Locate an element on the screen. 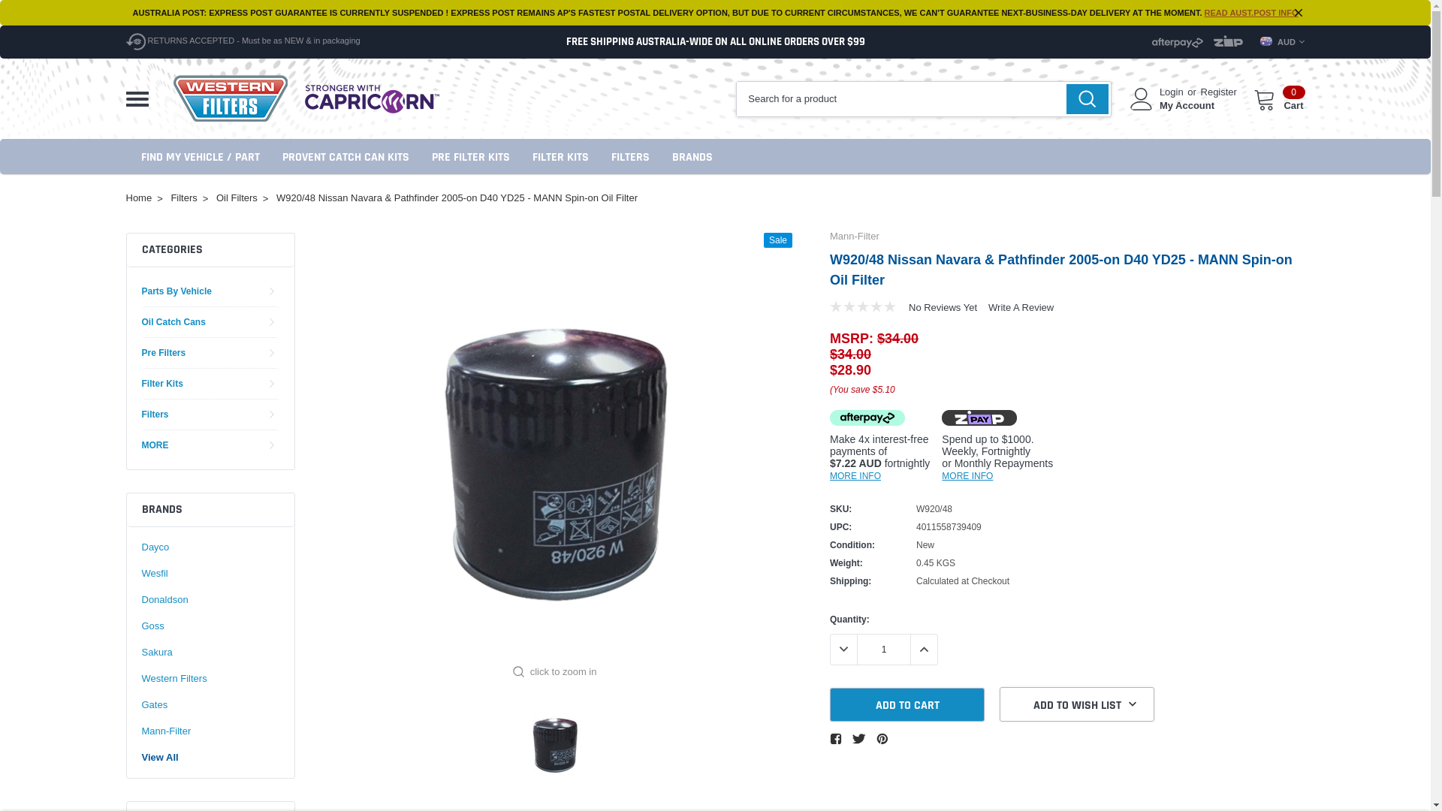 The width and height of the screenshot is (1442, 811). 'Oil Catch Cans' is located at coordinates (173, 321).